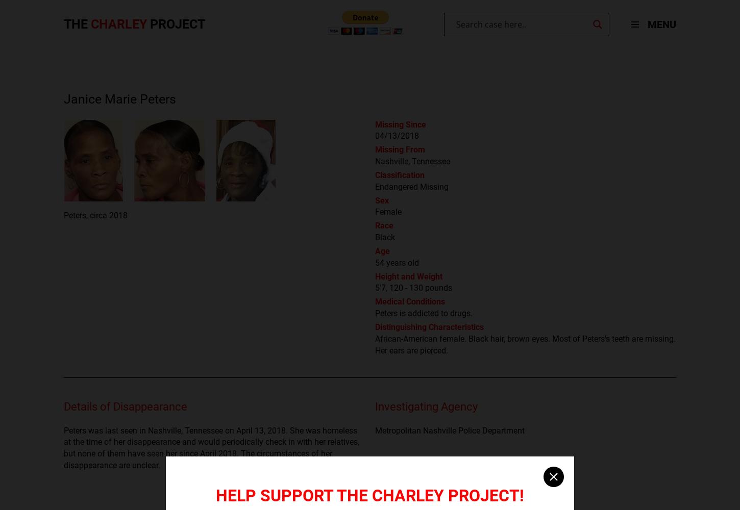  I want to click on 'Nashville, 								Tennessee', so click(412, 161).